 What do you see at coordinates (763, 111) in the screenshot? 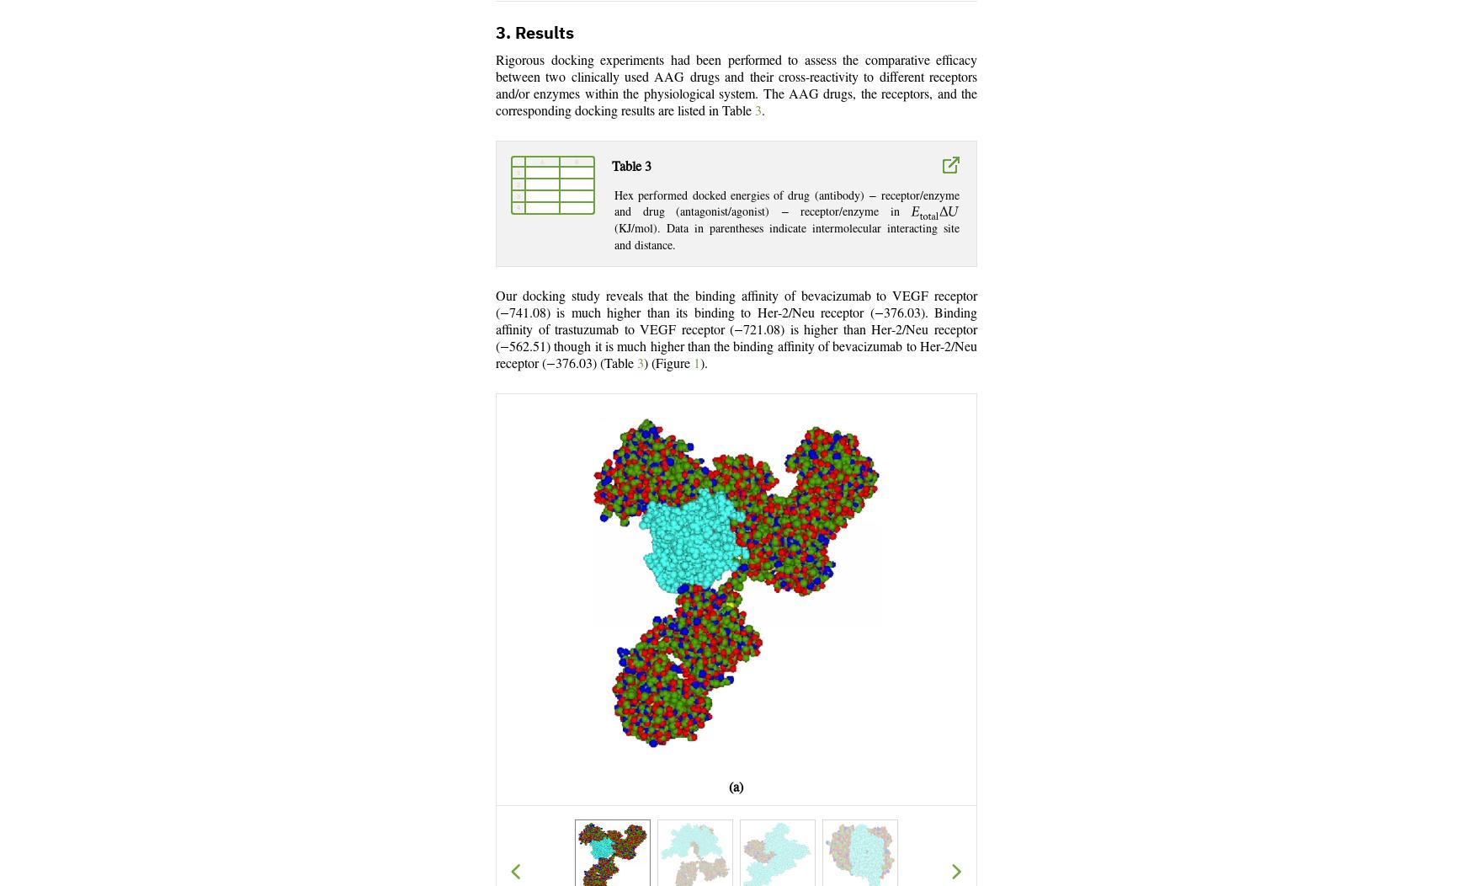
I see `'.'` at bounding box center [763, 111].